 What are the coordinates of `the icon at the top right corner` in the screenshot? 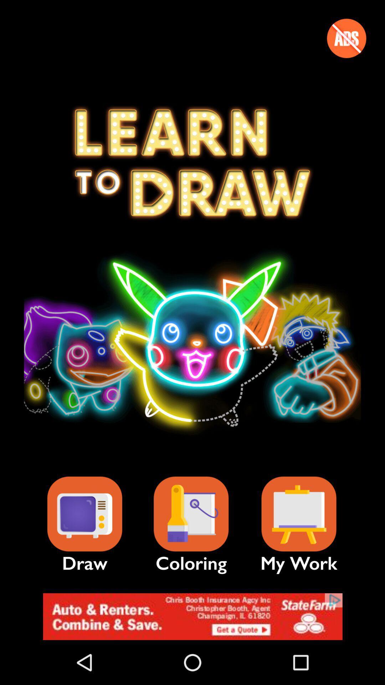 It's located at (346, 38).